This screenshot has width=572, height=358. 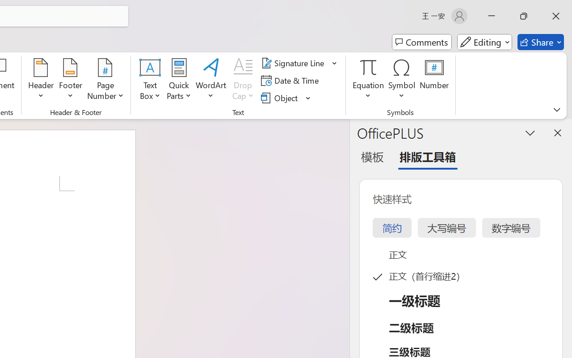 What do you see at coordinates (70, 80) in the screenshot?
I see `'Footer'` at bounding box center [70, 80].